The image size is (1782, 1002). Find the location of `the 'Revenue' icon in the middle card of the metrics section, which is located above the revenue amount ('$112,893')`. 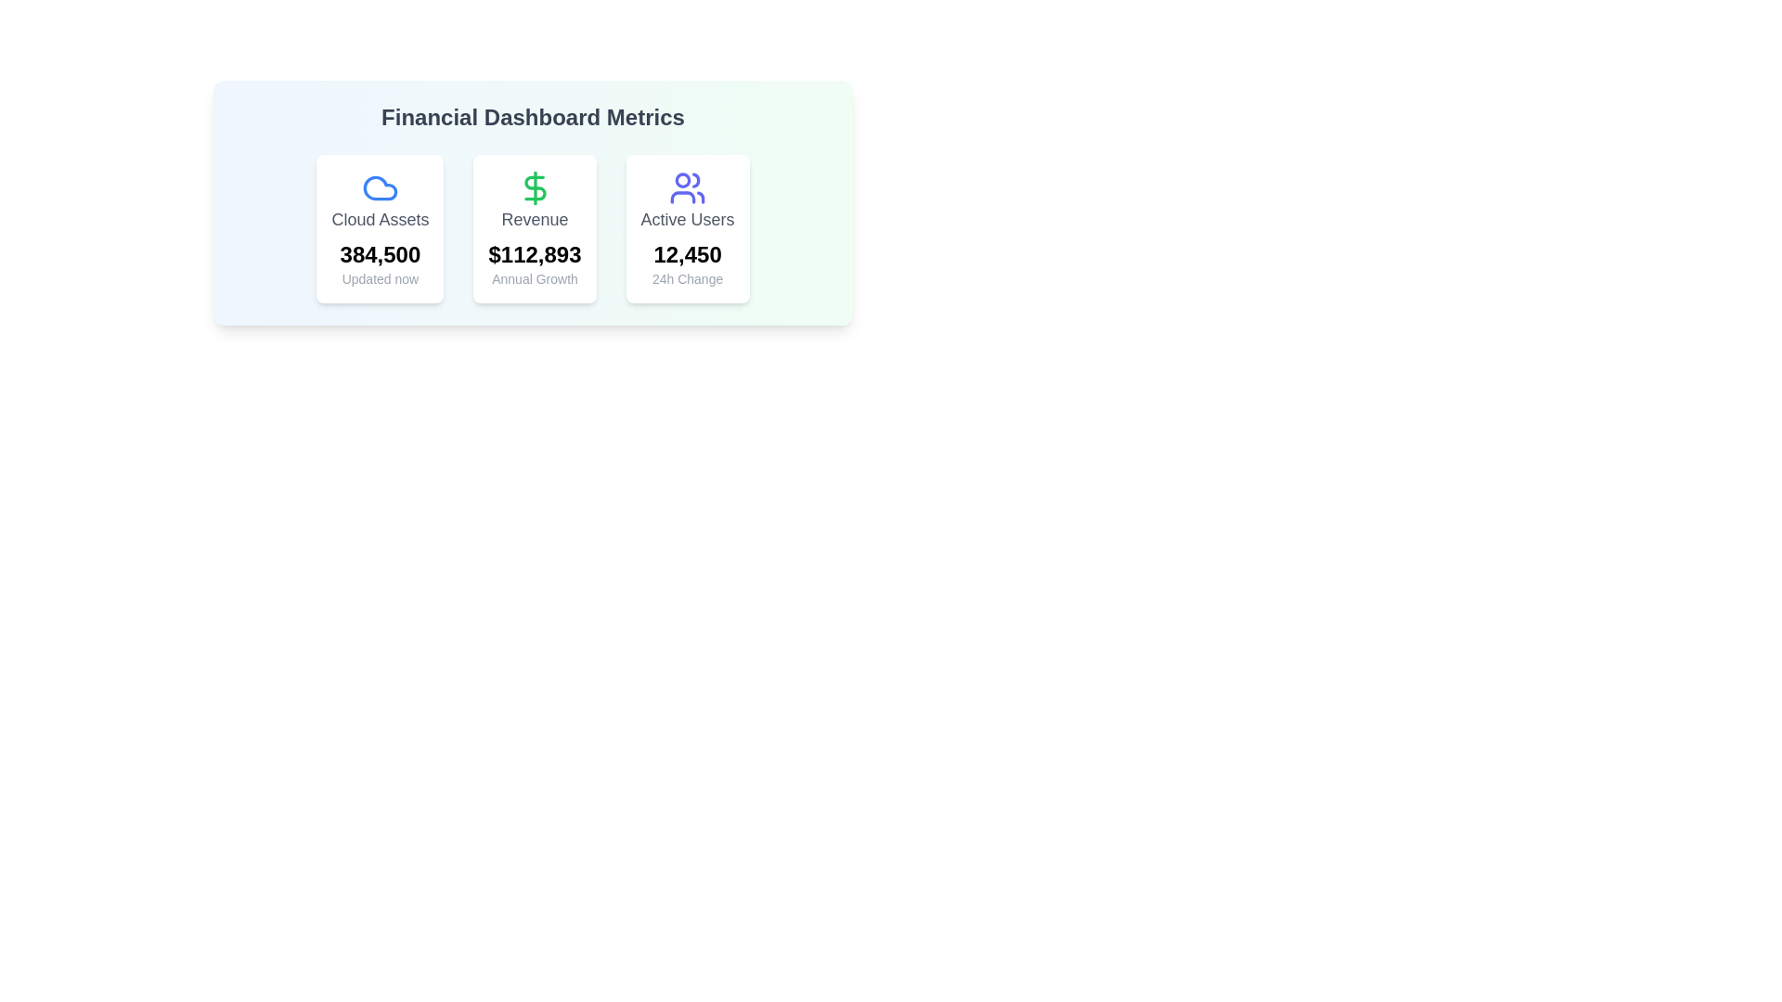

the 'Revenue' icon in the middle card of the metrics section, which is located above the revenue amount ('$112,893') is located at coordinates (534, 188).